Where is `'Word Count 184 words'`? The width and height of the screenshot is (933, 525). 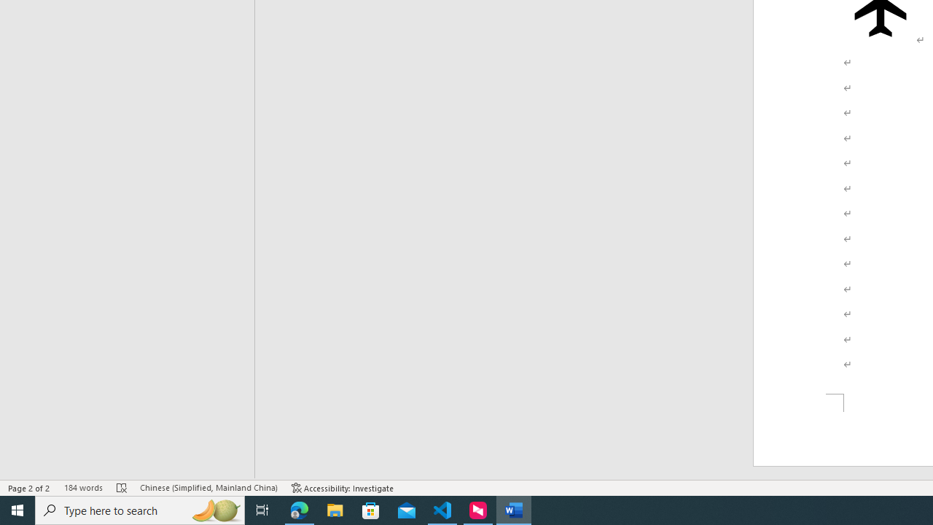 'Word Count 184 words' is located at coordinates (82, 488).